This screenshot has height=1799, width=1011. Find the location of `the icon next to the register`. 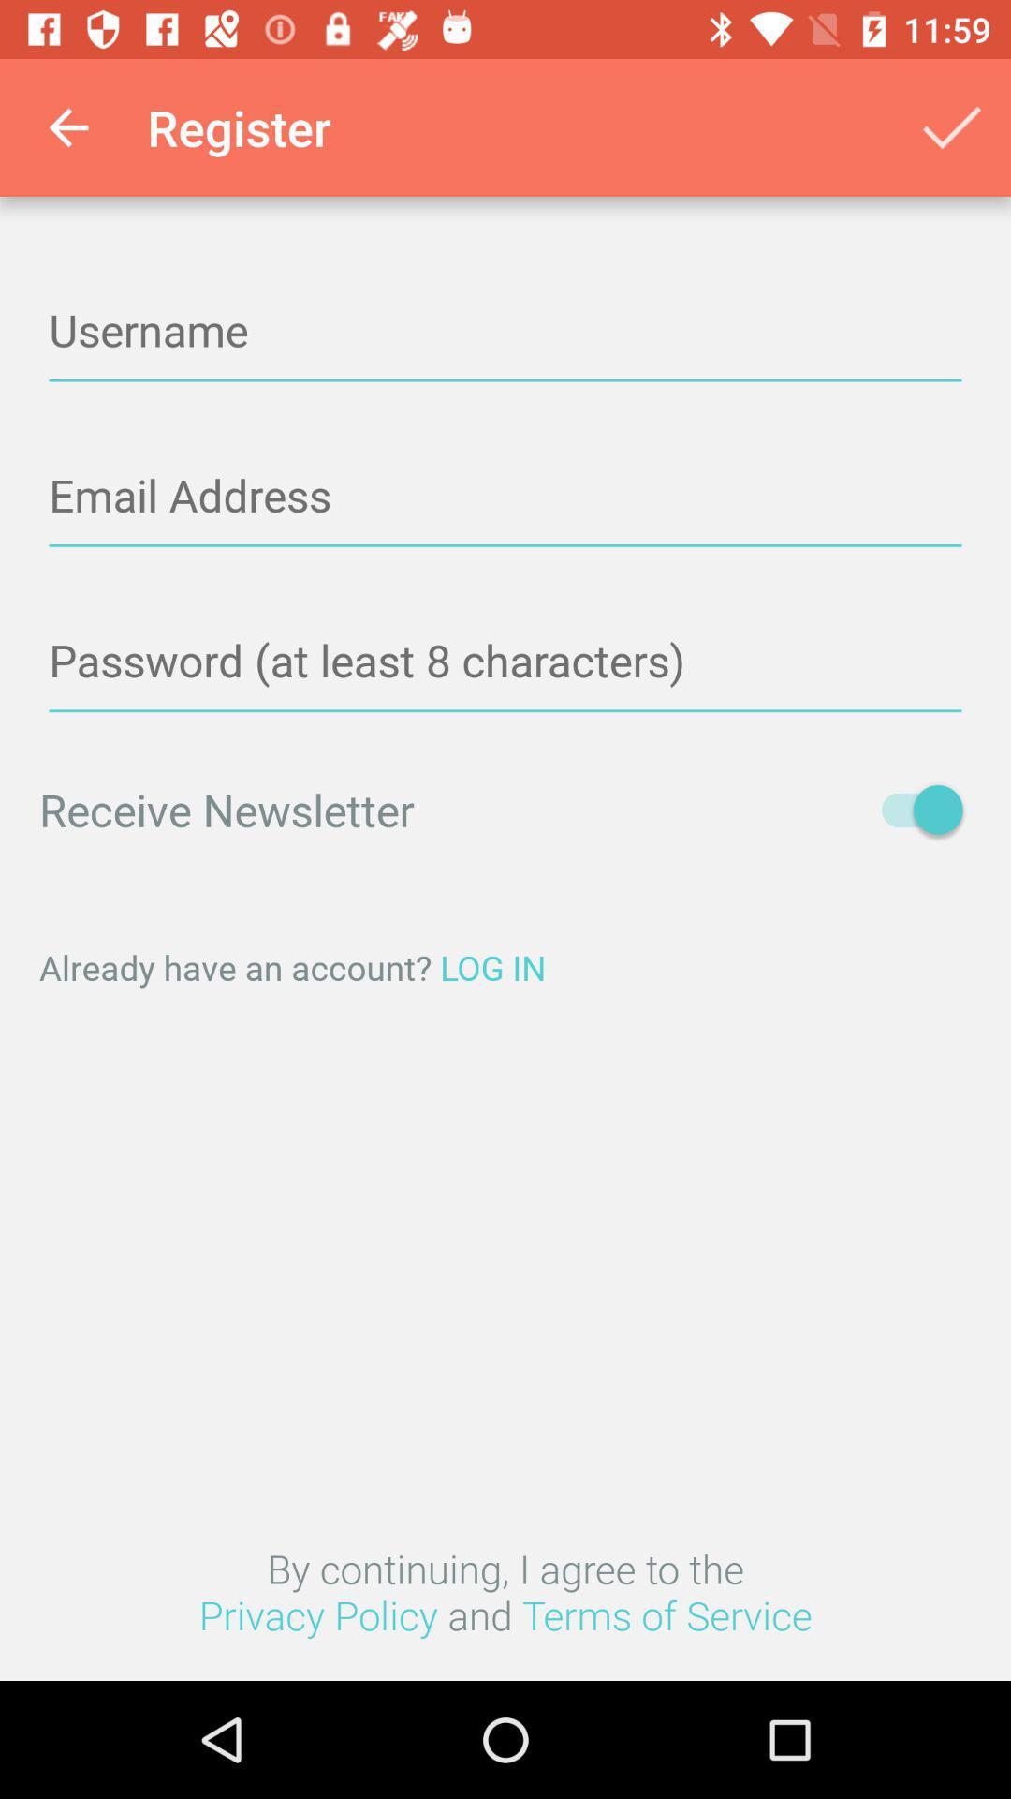

the icon next to the register is located at coordinates (67, 126).